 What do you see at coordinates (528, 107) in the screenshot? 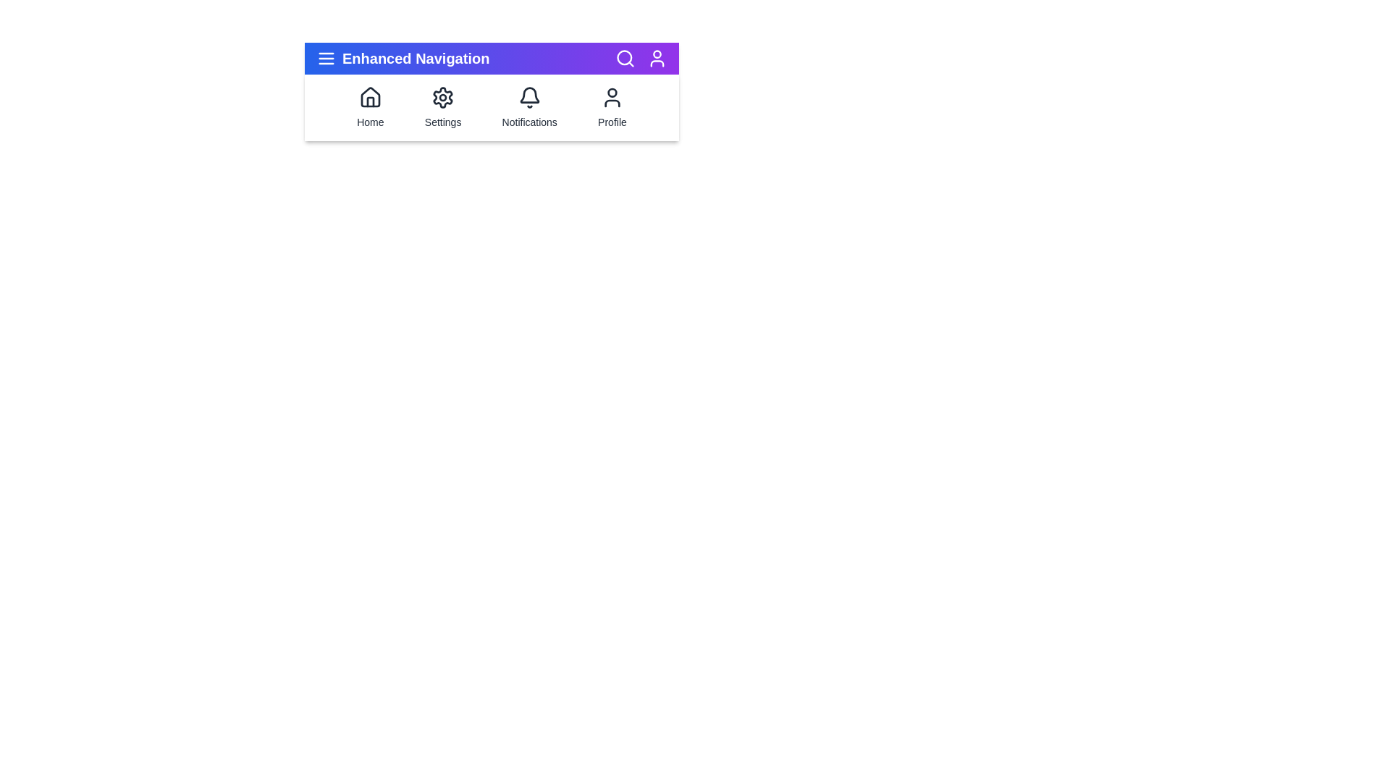
I see `the navigation item Notifications` at bounding box center [528, 107].